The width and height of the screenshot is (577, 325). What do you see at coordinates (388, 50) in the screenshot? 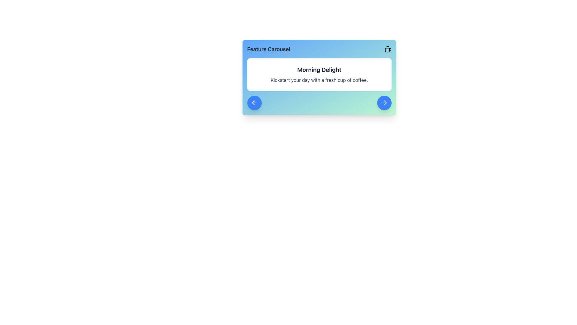
I see `the coffee mug icon located in the top-right of the carousel card, which is styled as an SVG graphic with neutral colors and a rounded body` at bounding box center [388, 50].